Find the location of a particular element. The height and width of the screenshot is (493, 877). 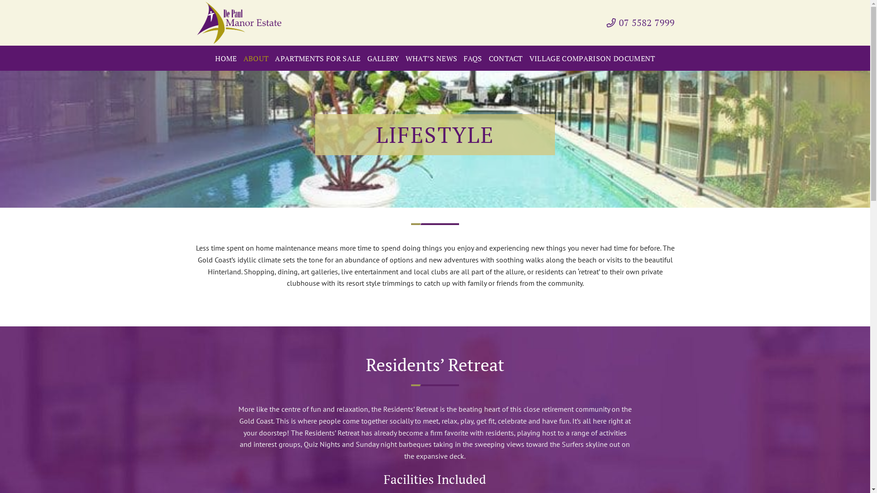

'APARTMENTS FOR SALE' is located at coordinates (274, 58).